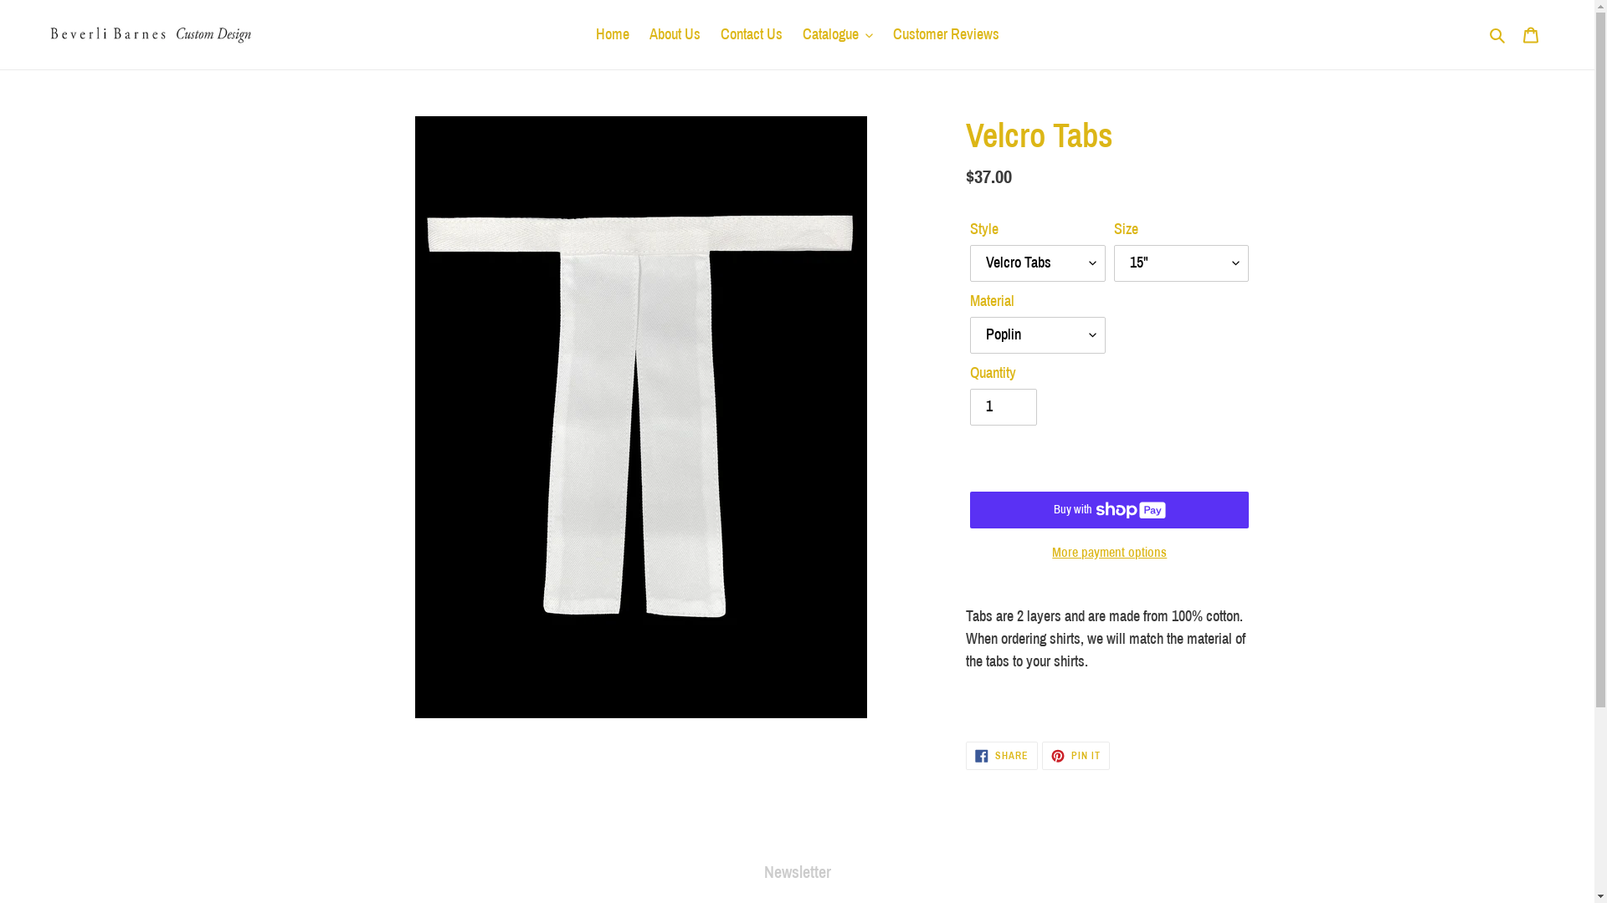 The width and height of the screenshot is (1607, 903). I want to click on 'Catalogue', so click(836, 34).